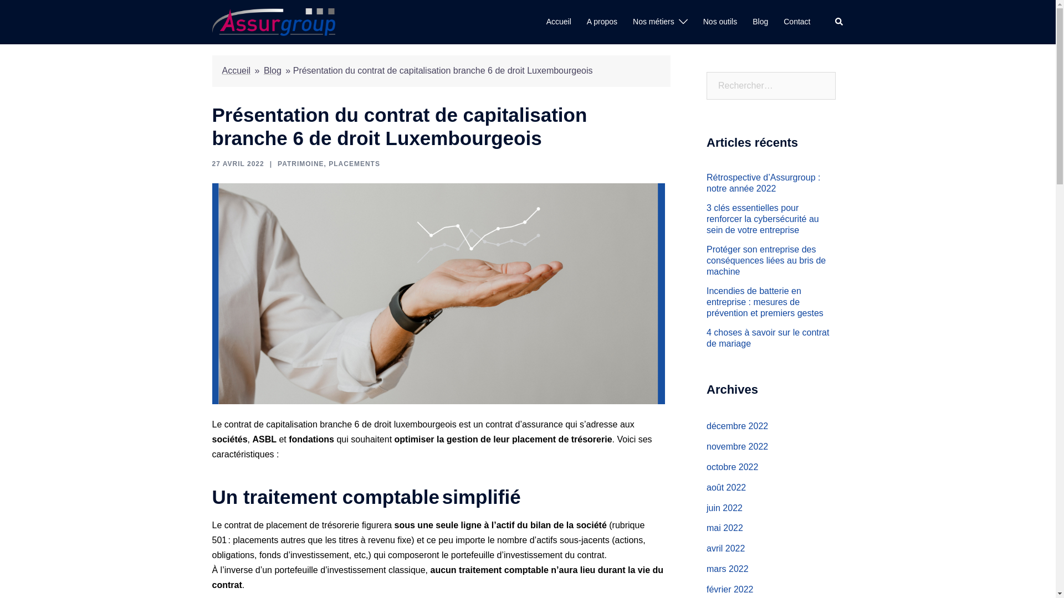 Image resolution: width=1064 pixels, height=598 pixels. I want to click on 'PLACEMENTS', so click(328, 164).